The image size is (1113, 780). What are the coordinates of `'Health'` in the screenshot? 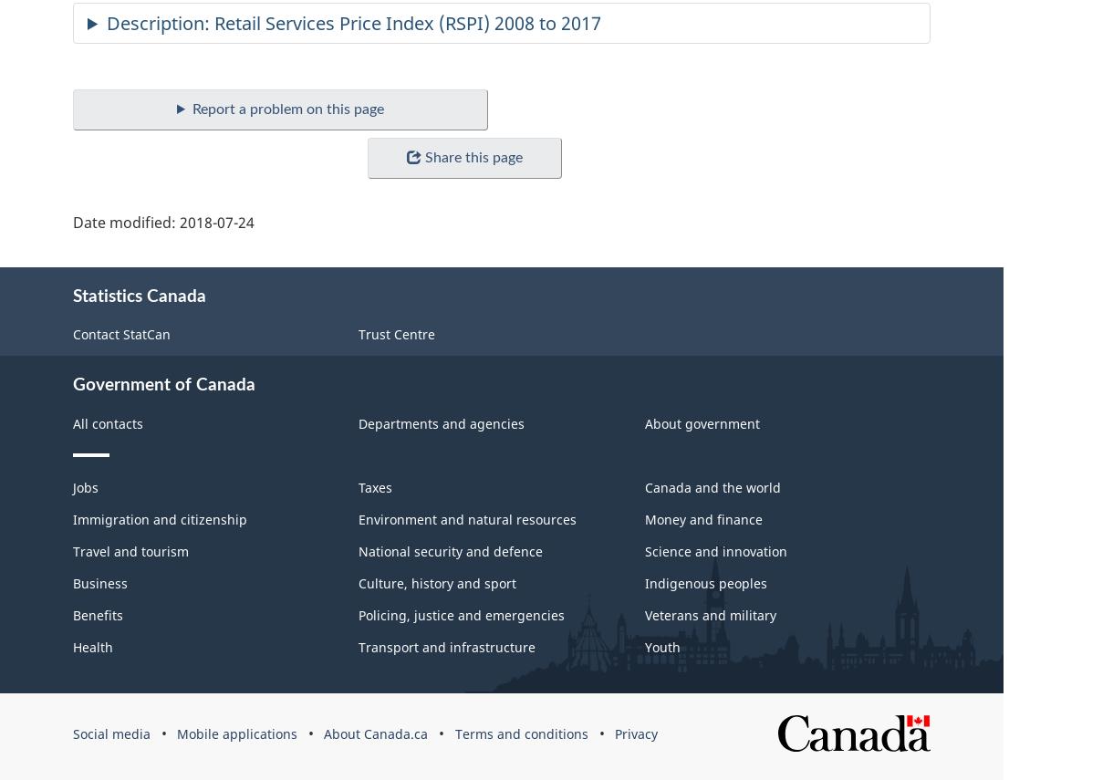 It's located at (72, 645).